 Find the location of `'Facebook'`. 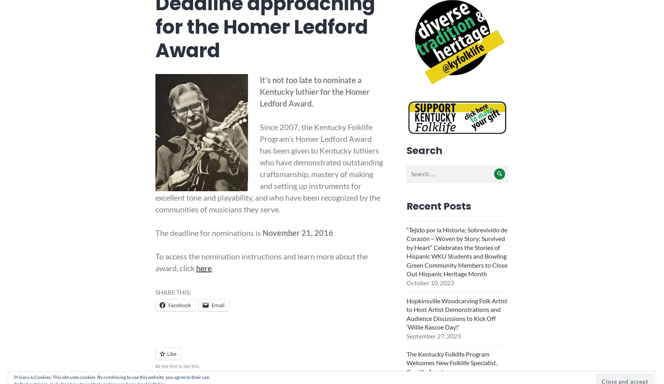

'Facebook' is located at coordinates (179, 305).